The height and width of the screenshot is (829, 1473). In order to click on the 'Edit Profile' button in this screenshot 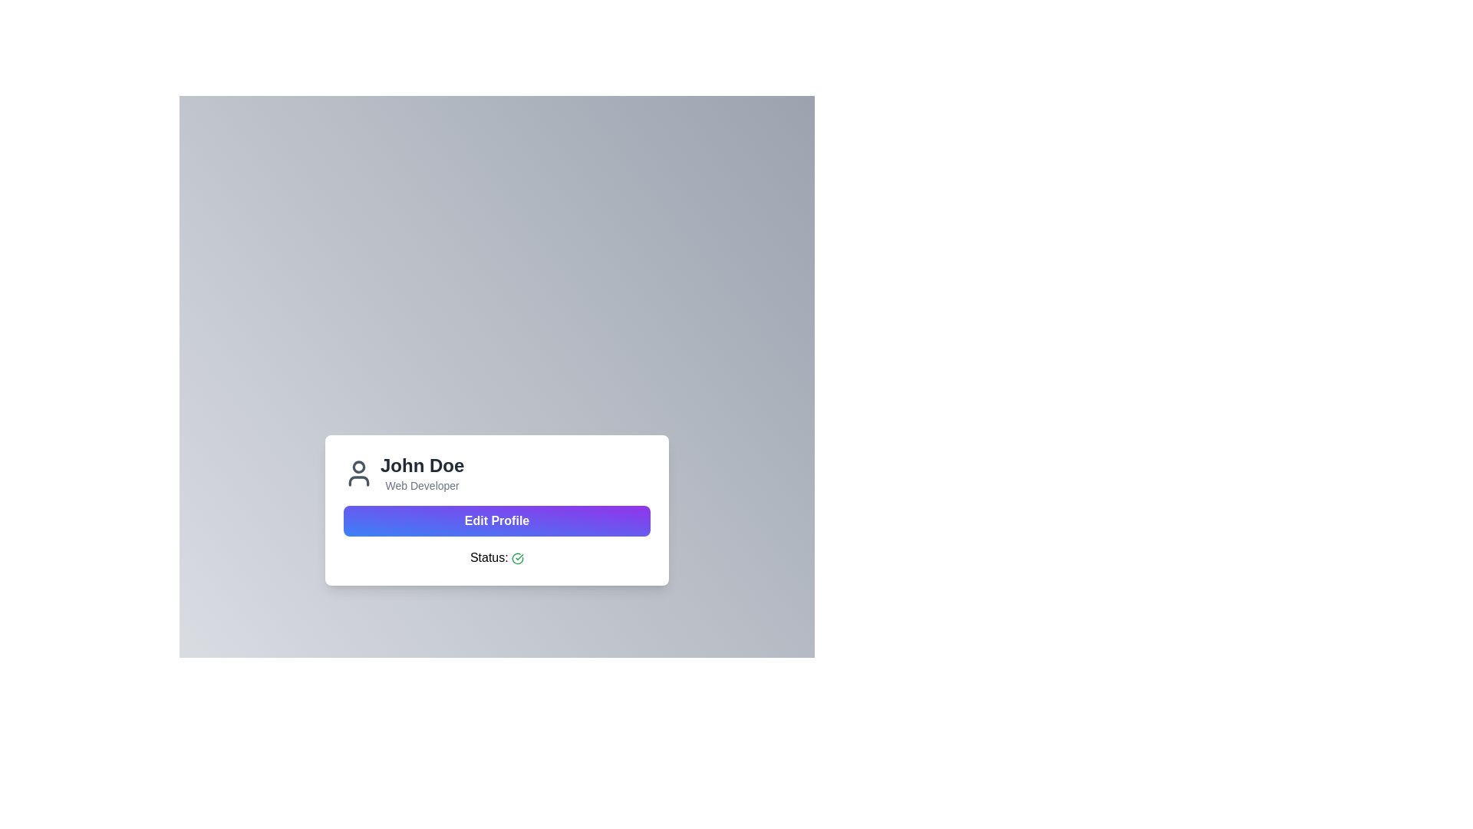, I will do `click(497, 520)`.